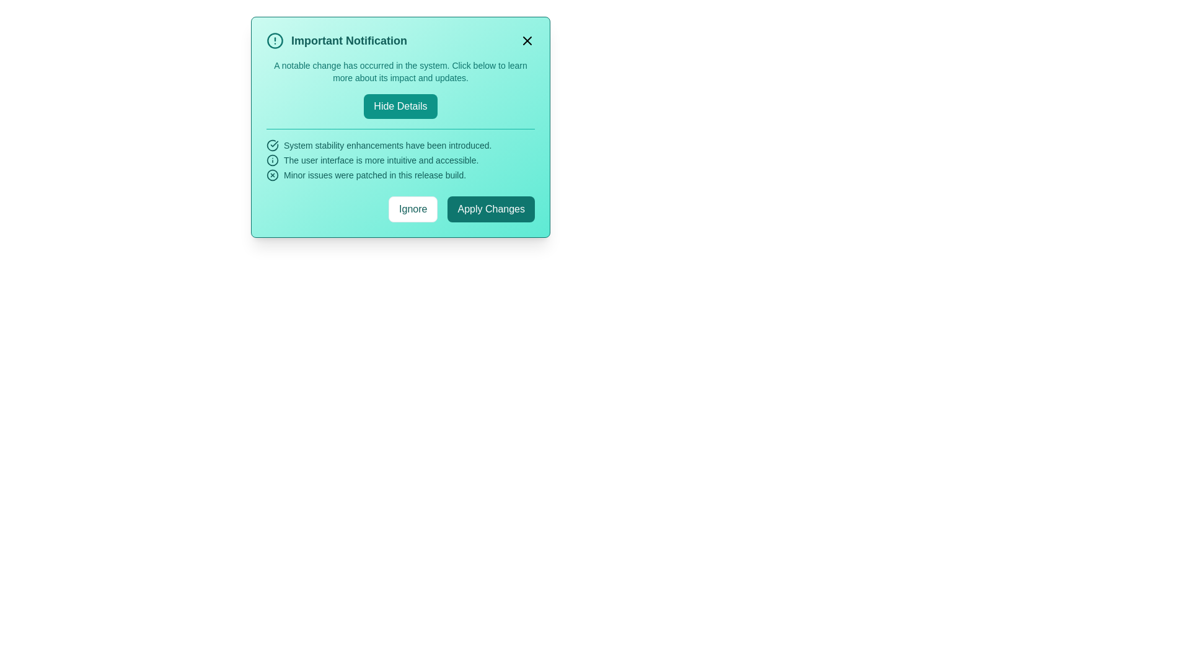 The height and width of the screenshot is (669, 1190). Describe the element at coordinates (400, 154) in the screenshot. I see `detailed information presented in the Informational text block with icons located centrally in the 'Important Notification' modal, just below the 'Hide Details' button` at that location.